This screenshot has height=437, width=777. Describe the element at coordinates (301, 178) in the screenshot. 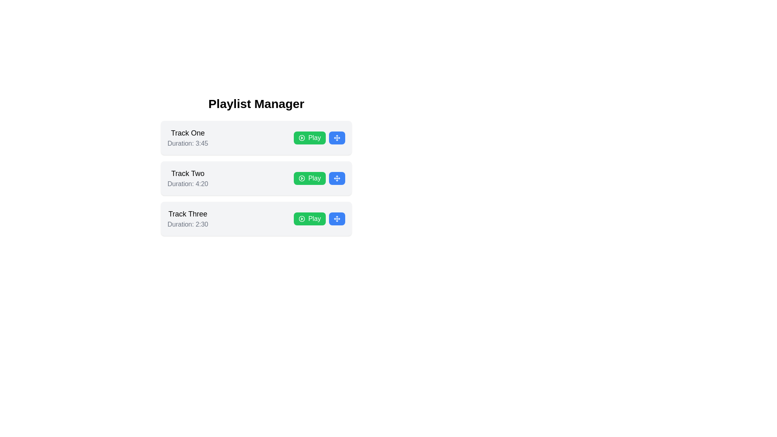

I see `the play icon within the green button labeled 'Play' to initiate media playback` at that location.